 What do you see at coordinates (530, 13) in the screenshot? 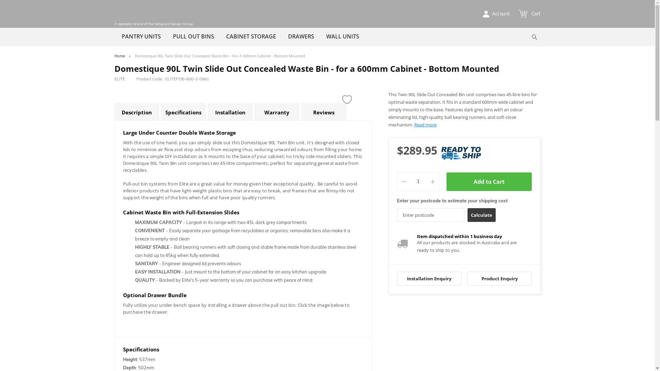
I see `'Cart'` at bounding box center [530, 13].